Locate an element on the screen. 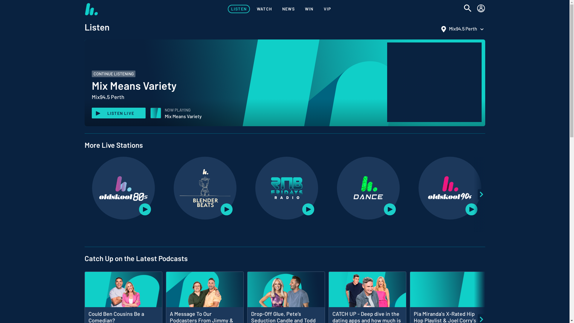 This screenshot has width=574, height=323. 'NEWS' is located at coordinates (288, 9).